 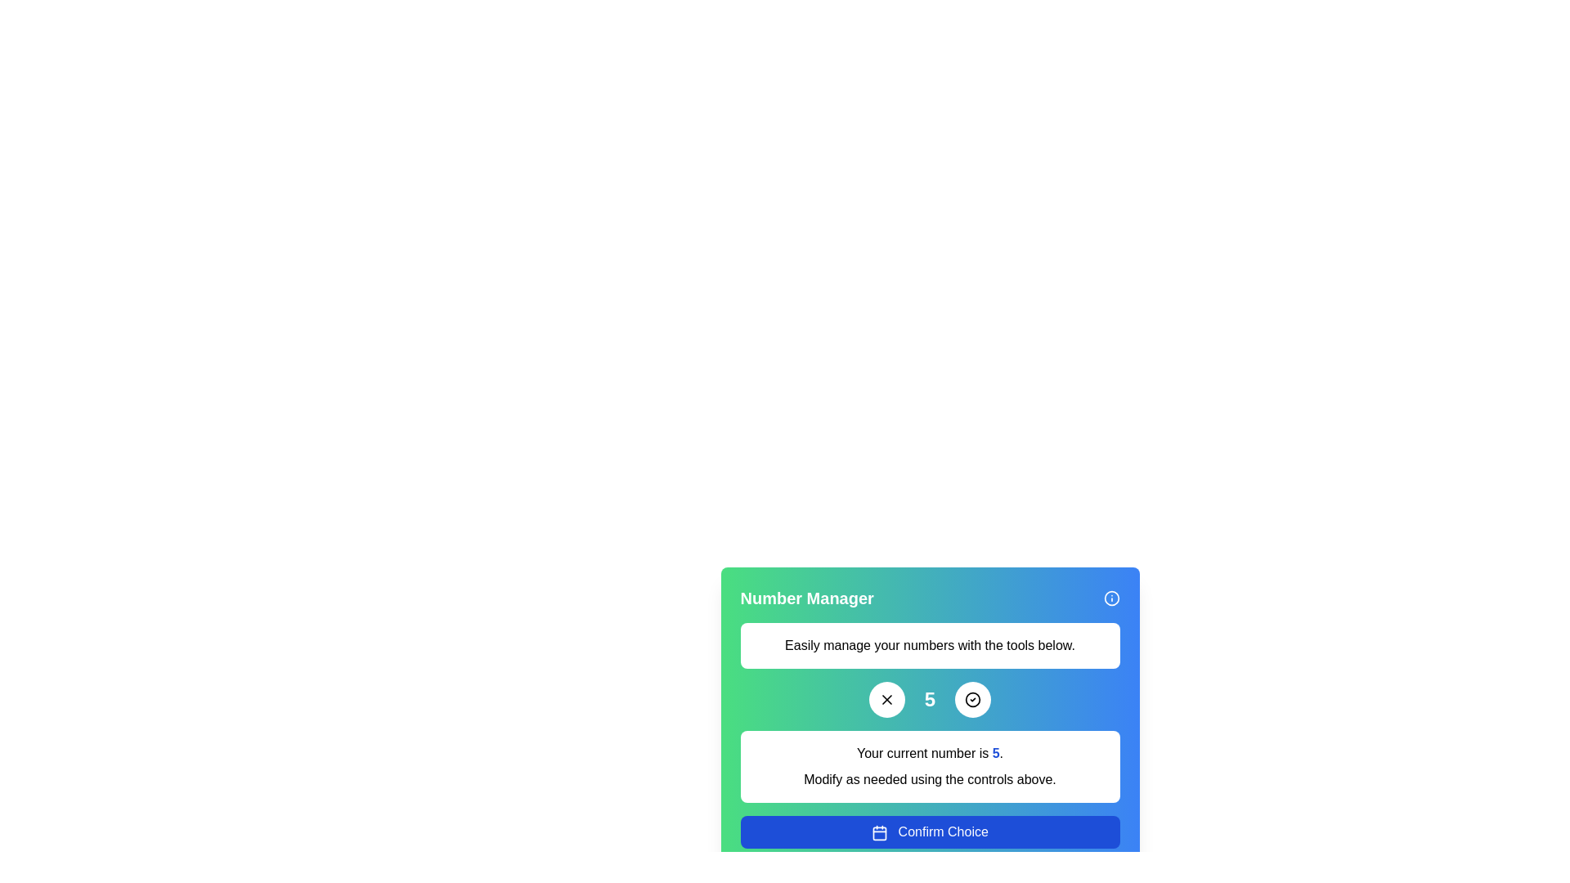 I want to click on the Circle-check icon located to the right of the number 5 in the Number Manager section, so click(x=973, y=699).